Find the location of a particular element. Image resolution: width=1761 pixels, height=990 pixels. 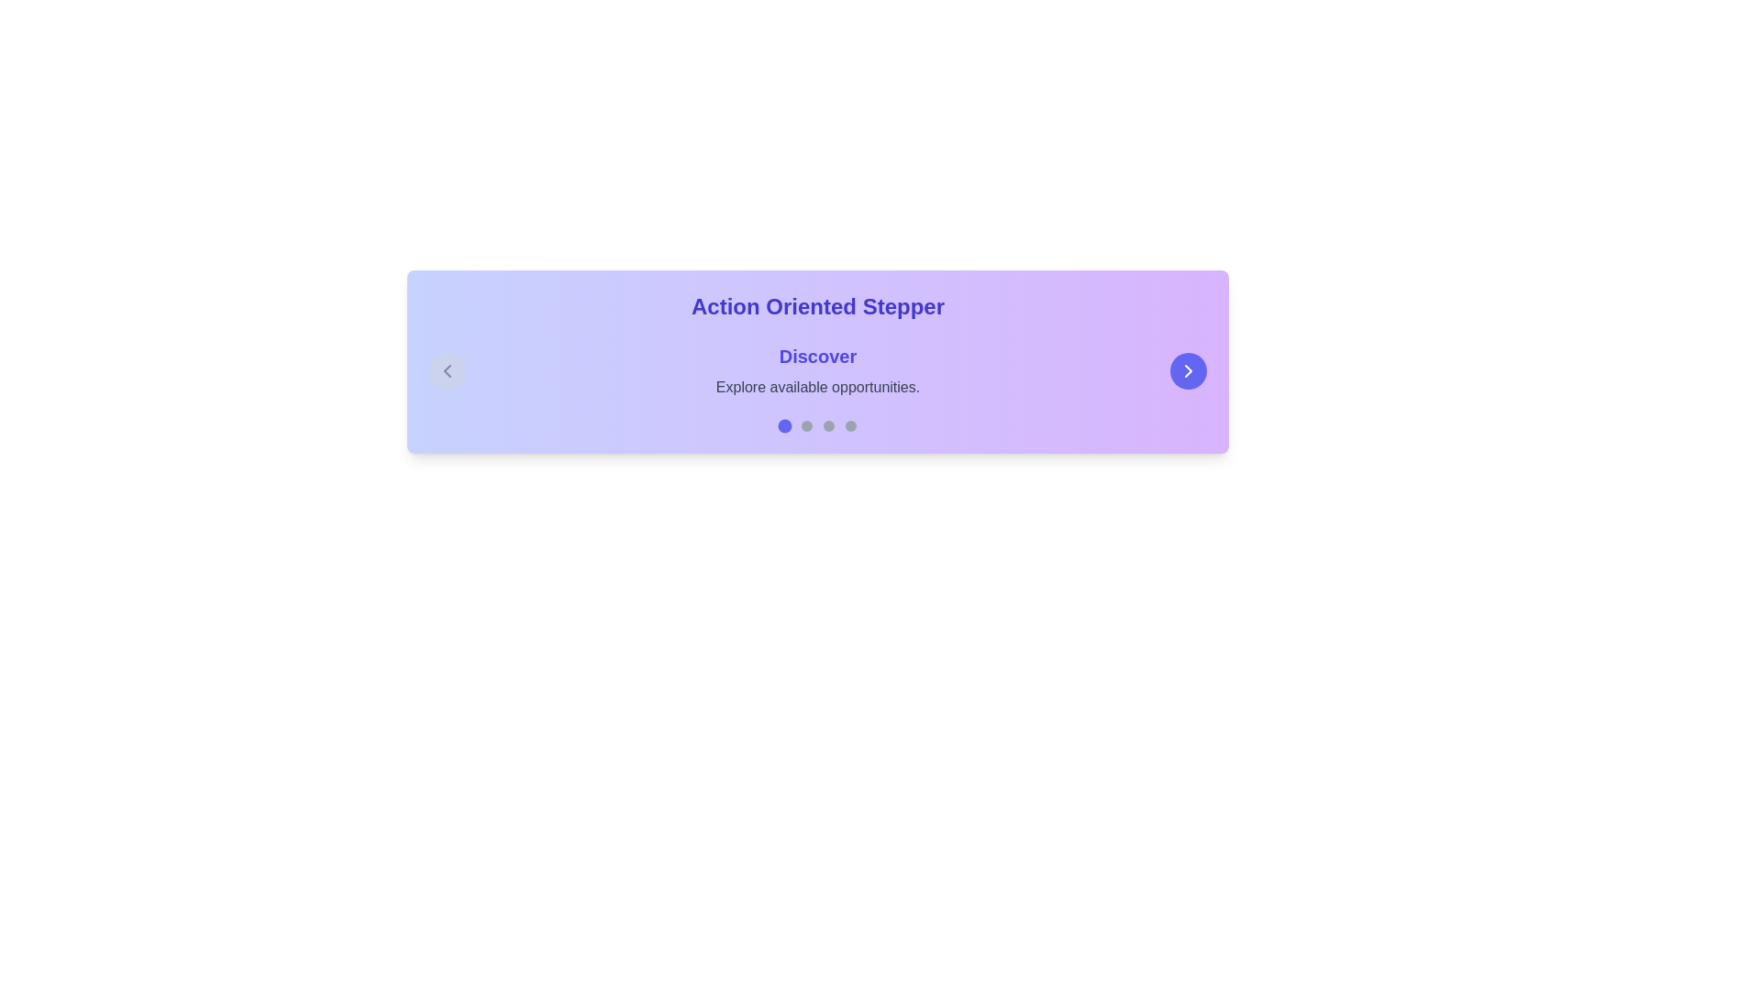

the Informational text block with title and description, which is located centrally below the 'Action Oriented Stepper' heading and above the circular progress indicators is located at coordinates (817, 371).